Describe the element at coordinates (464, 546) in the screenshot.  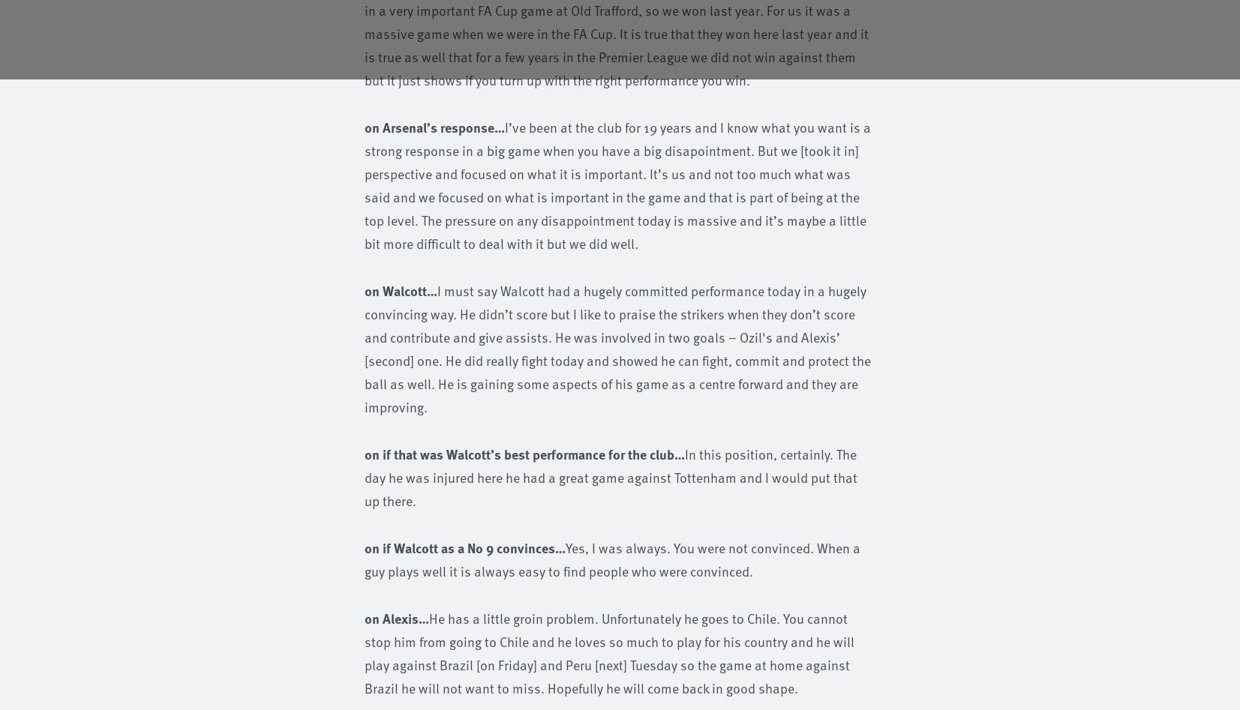
I see `'on if Walcott as a No 9 convinces…'` at that location.